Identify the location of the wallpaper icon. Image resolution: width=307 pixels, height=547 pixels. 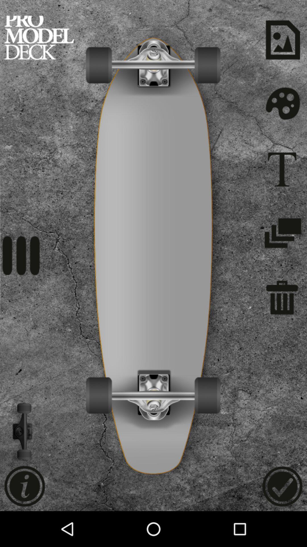
(282, 42).